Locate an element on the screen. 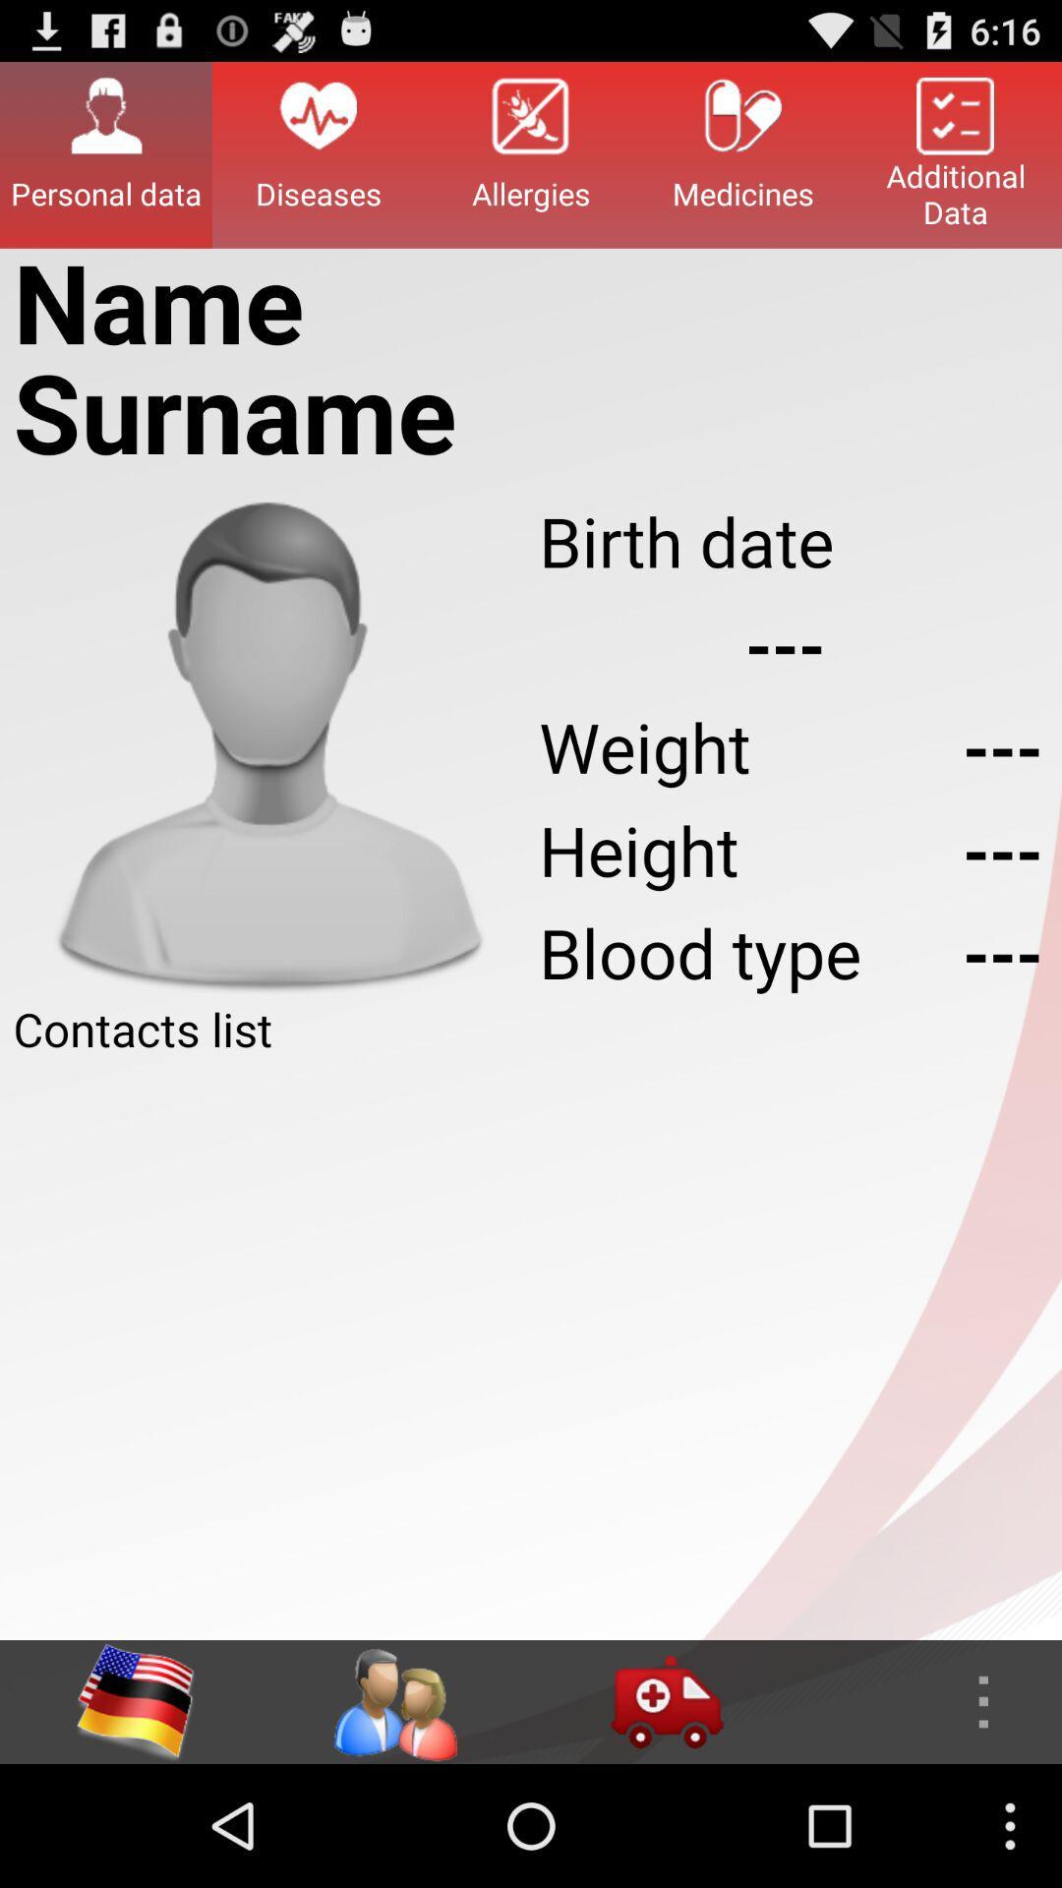 Image resolution: width=1062 pixels, height=1888 pixels. item to the right of the allergies icon is located at coordinates (743, 153).